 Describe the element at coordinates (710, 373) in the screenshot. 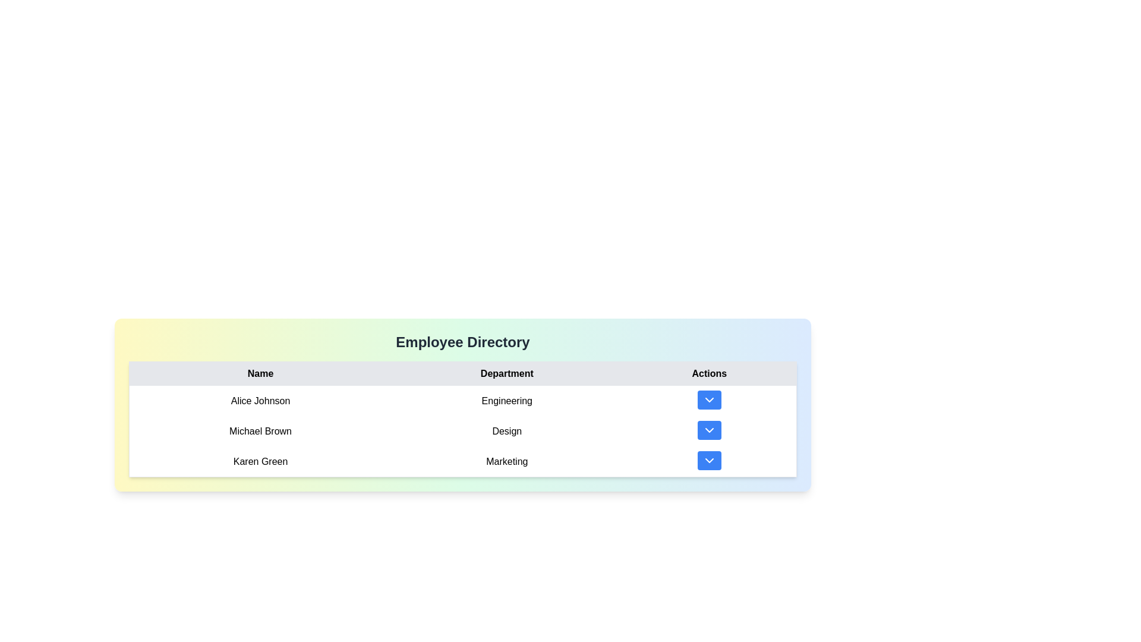

I see `the 'Actions' header text label in the table, which is the third column header indicating the purpose of the actions below` at that location.